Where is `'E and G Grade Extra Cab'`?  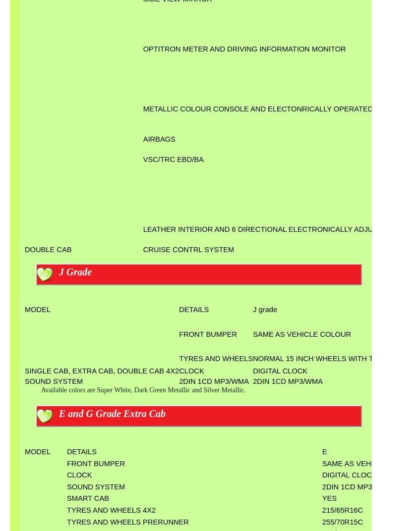 'E and G Grade Extra Cab' is located at coordinates (112, 413).